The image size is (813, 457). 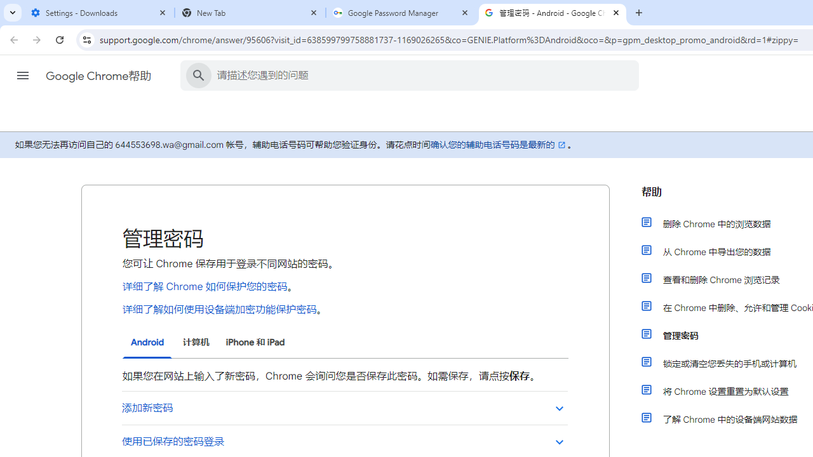 What do you see at coordinates (401, 13) in the screenshot?
I see `'Google Password Manager'` at bounding box center [401, 13].